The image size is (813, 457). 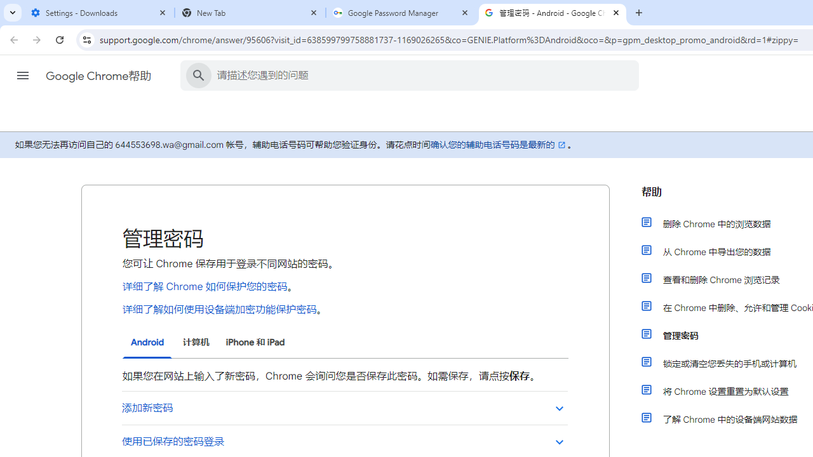 What do you see at coordinates (401, 13) in the screenshot?
I see `'Google Password Manager'` at bounding box center [401, 13].